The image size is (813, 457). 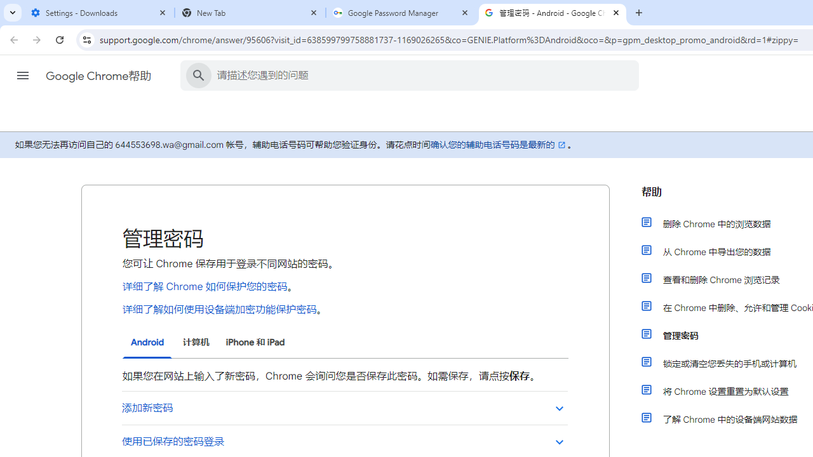 What do you see at coordinates (401, 13) in the screenshot?
I see `'Google Password Manager'` at bounding box center [401, 13].